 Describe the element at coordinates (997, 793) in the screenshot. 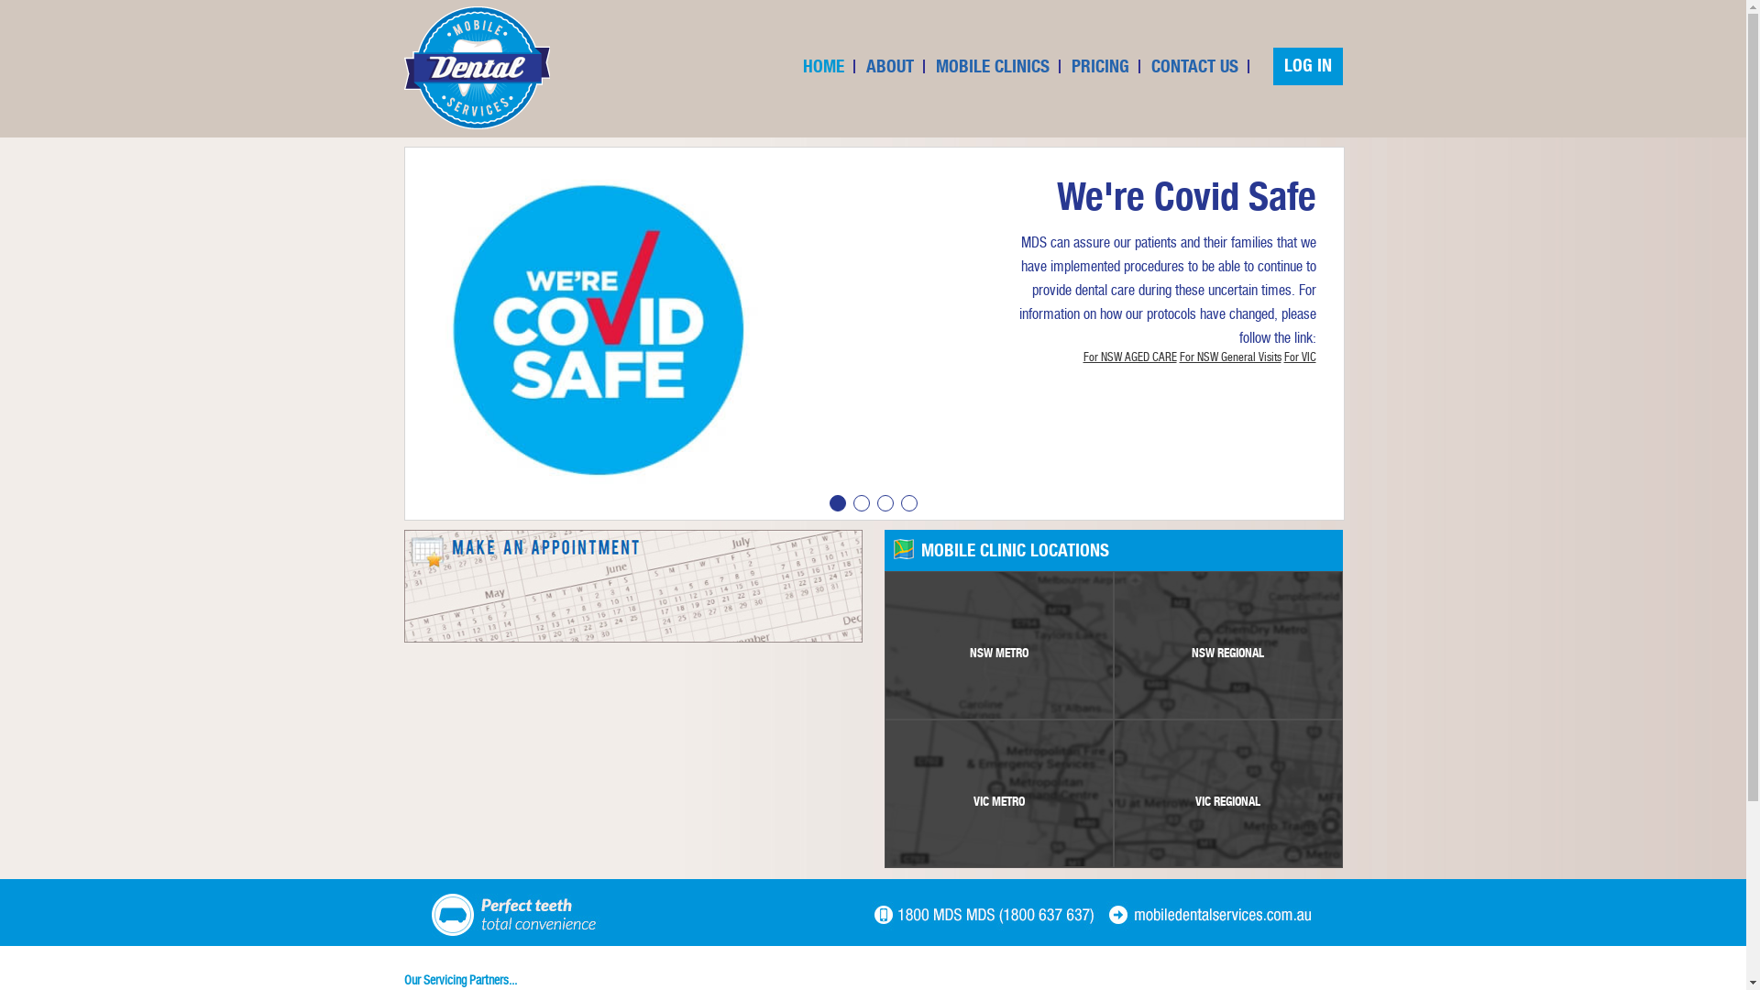

I see `'VIC METRO'` at that location.